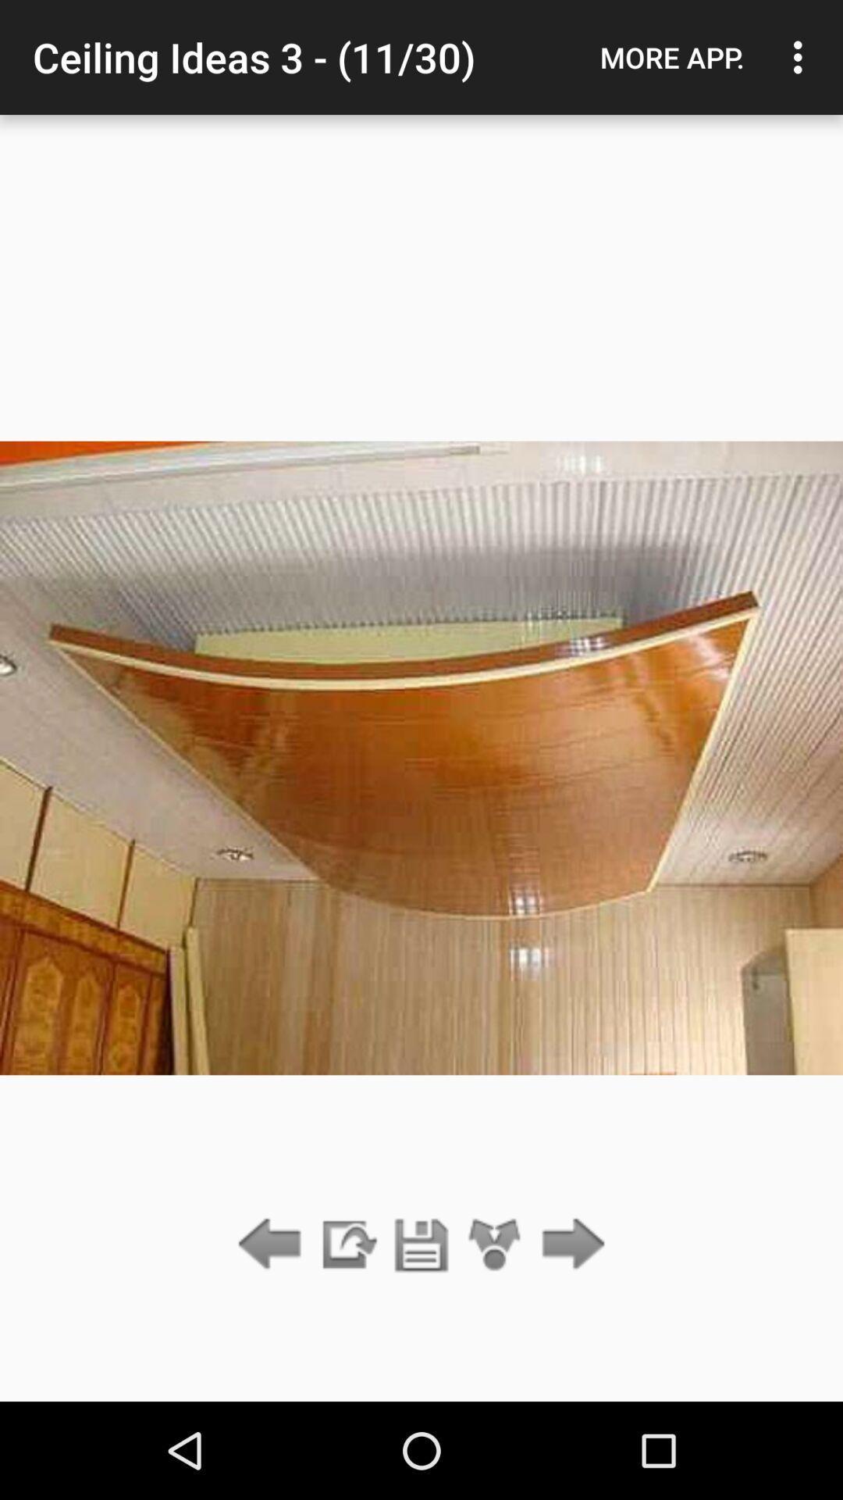 This screenshot has height=1500, width=843. Describe the element at coordinates (569, 1245) in the screenshot. I see `icon below the more app. icon` at that location.